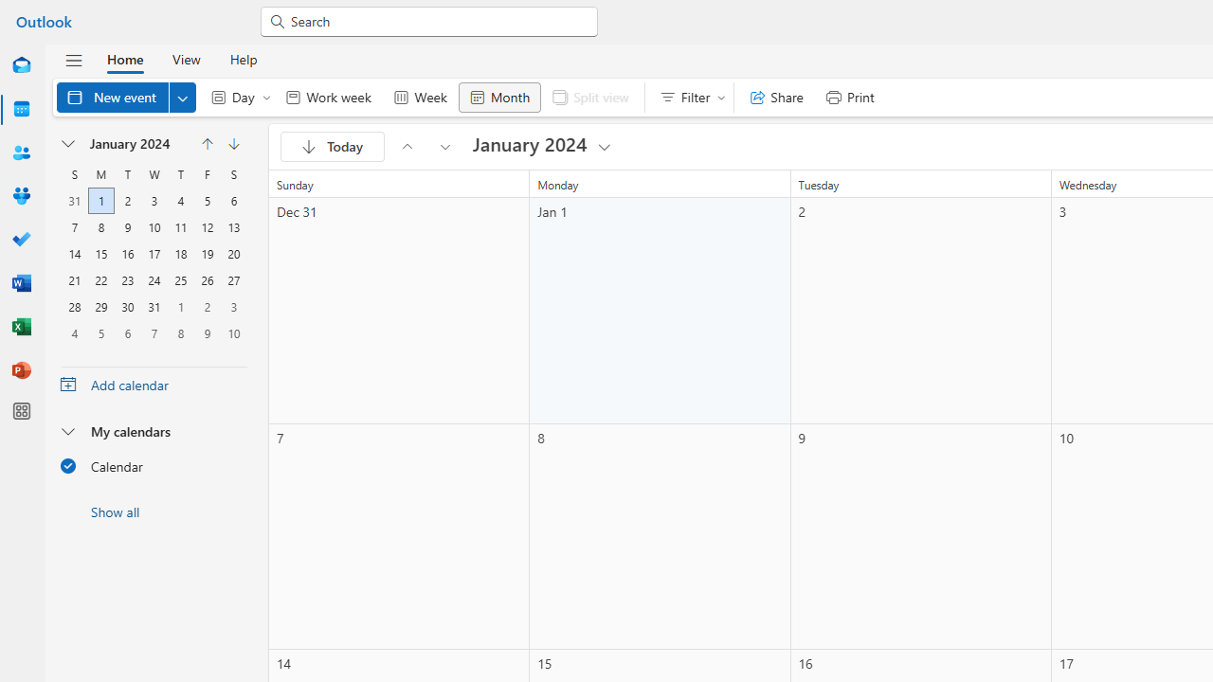  Describe the element at coordinates (154, 280) in the screenshot. I see `'24, January, 2024'` at that location.